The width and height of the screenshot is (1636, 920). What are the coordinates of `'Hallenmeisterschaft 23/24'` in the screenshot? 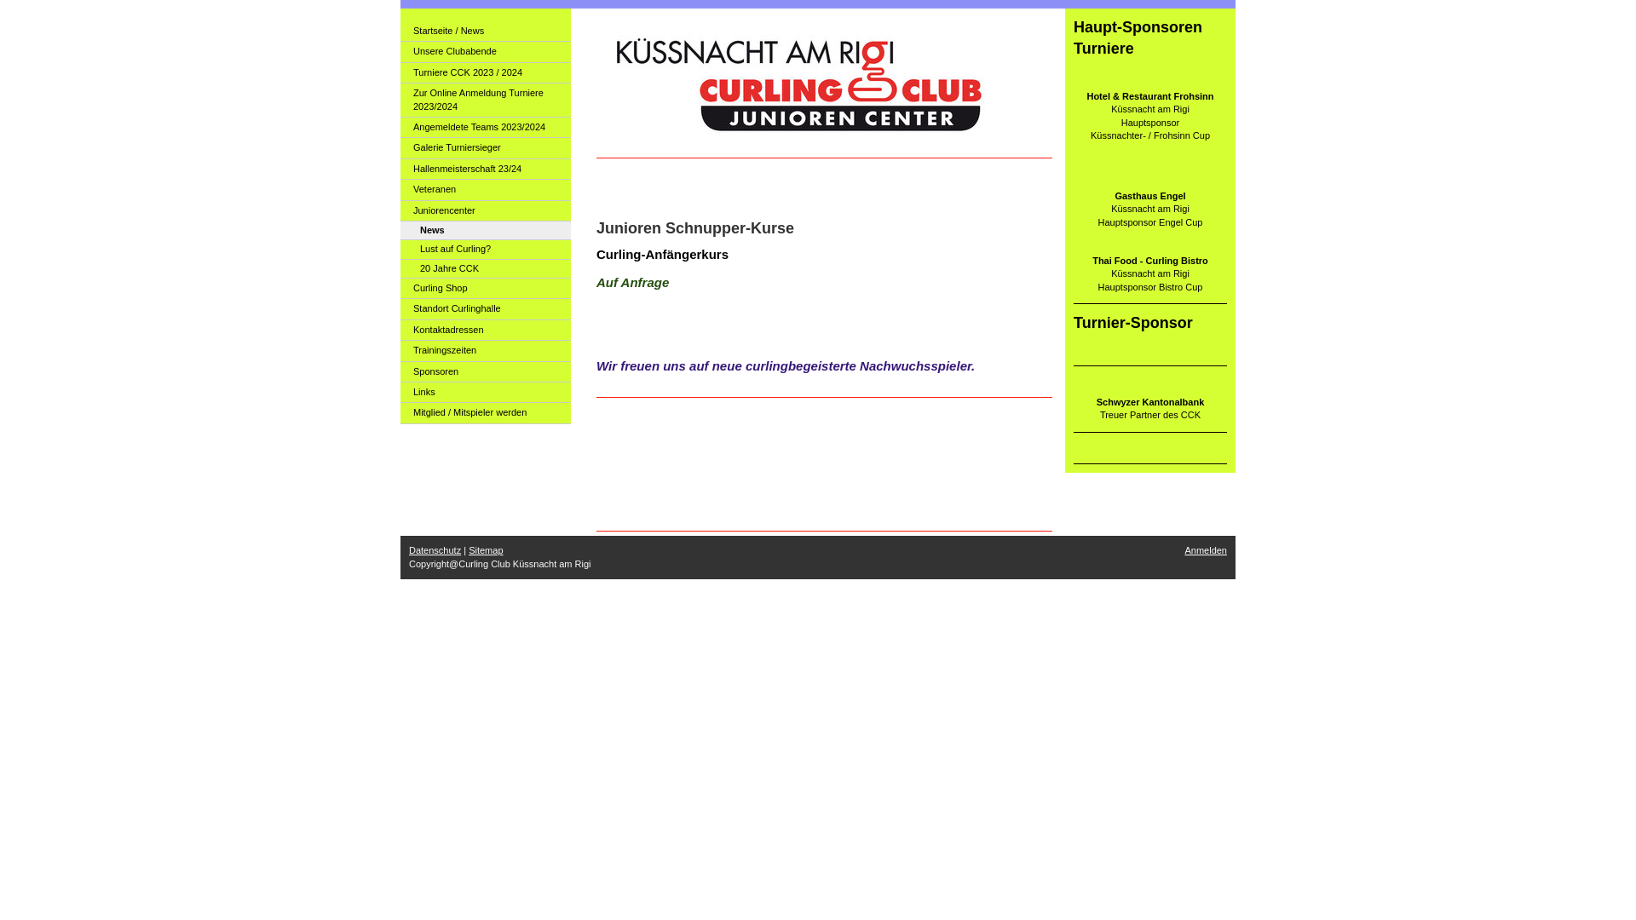 It's located at (400, 170).